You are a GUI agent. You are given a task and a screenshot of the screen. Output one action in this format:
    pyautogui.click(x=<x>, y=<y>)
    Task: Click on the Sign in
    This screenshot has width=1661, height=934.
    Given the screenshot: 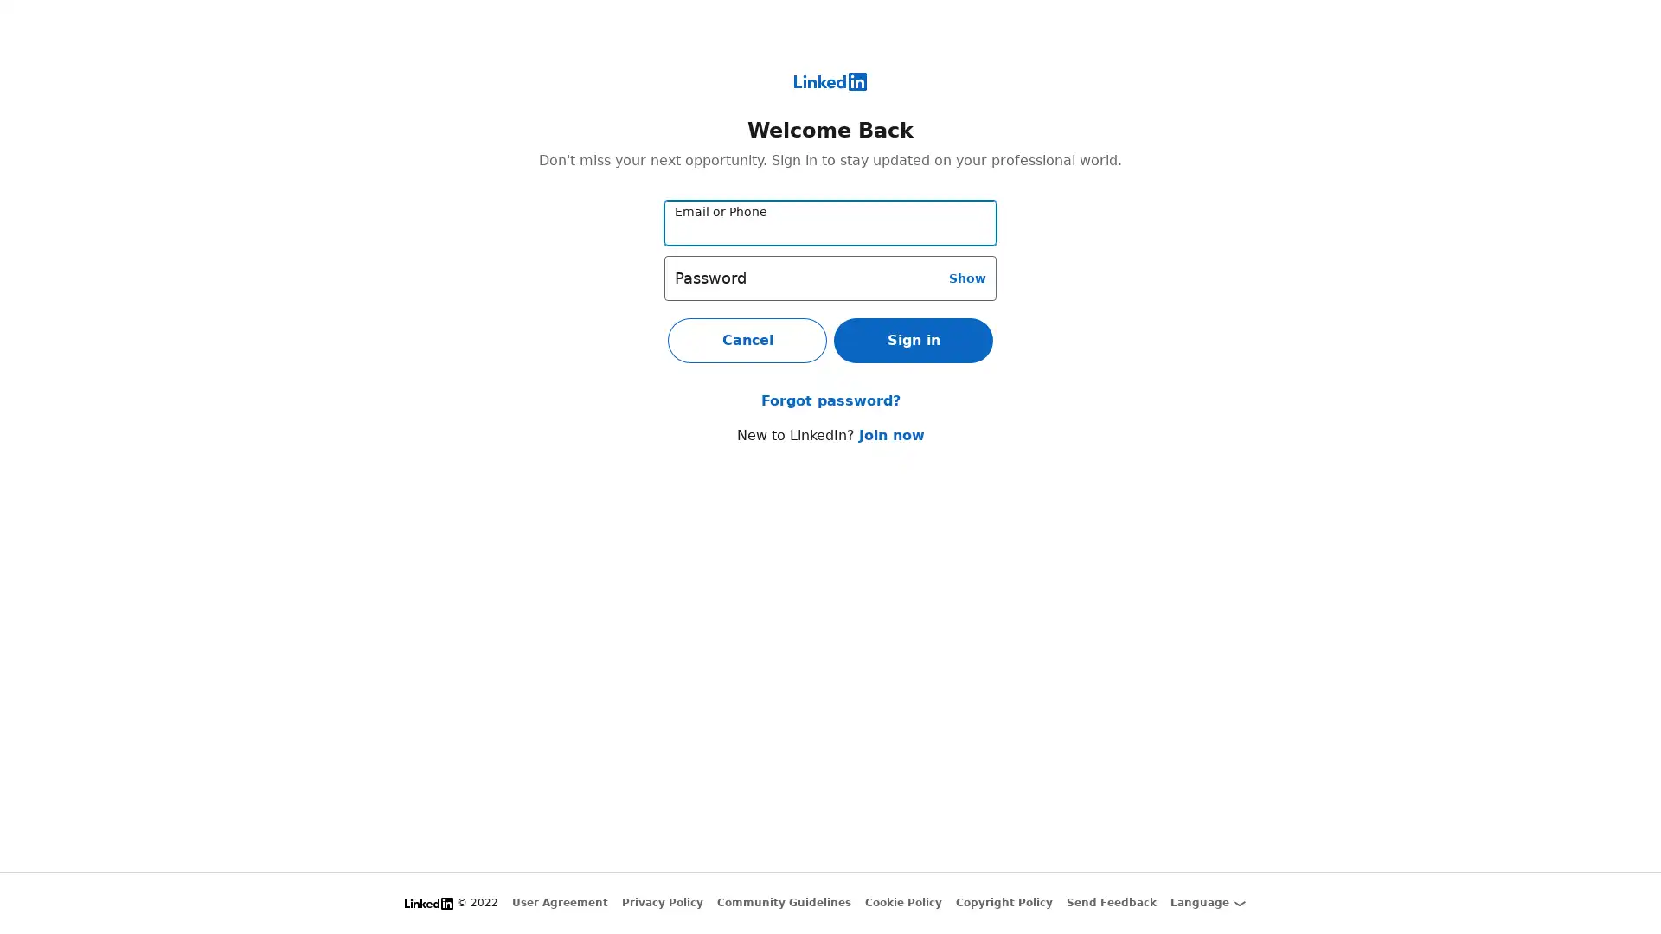 What is the action you would take?
    pyautogui.click(x=913, y=340)
    